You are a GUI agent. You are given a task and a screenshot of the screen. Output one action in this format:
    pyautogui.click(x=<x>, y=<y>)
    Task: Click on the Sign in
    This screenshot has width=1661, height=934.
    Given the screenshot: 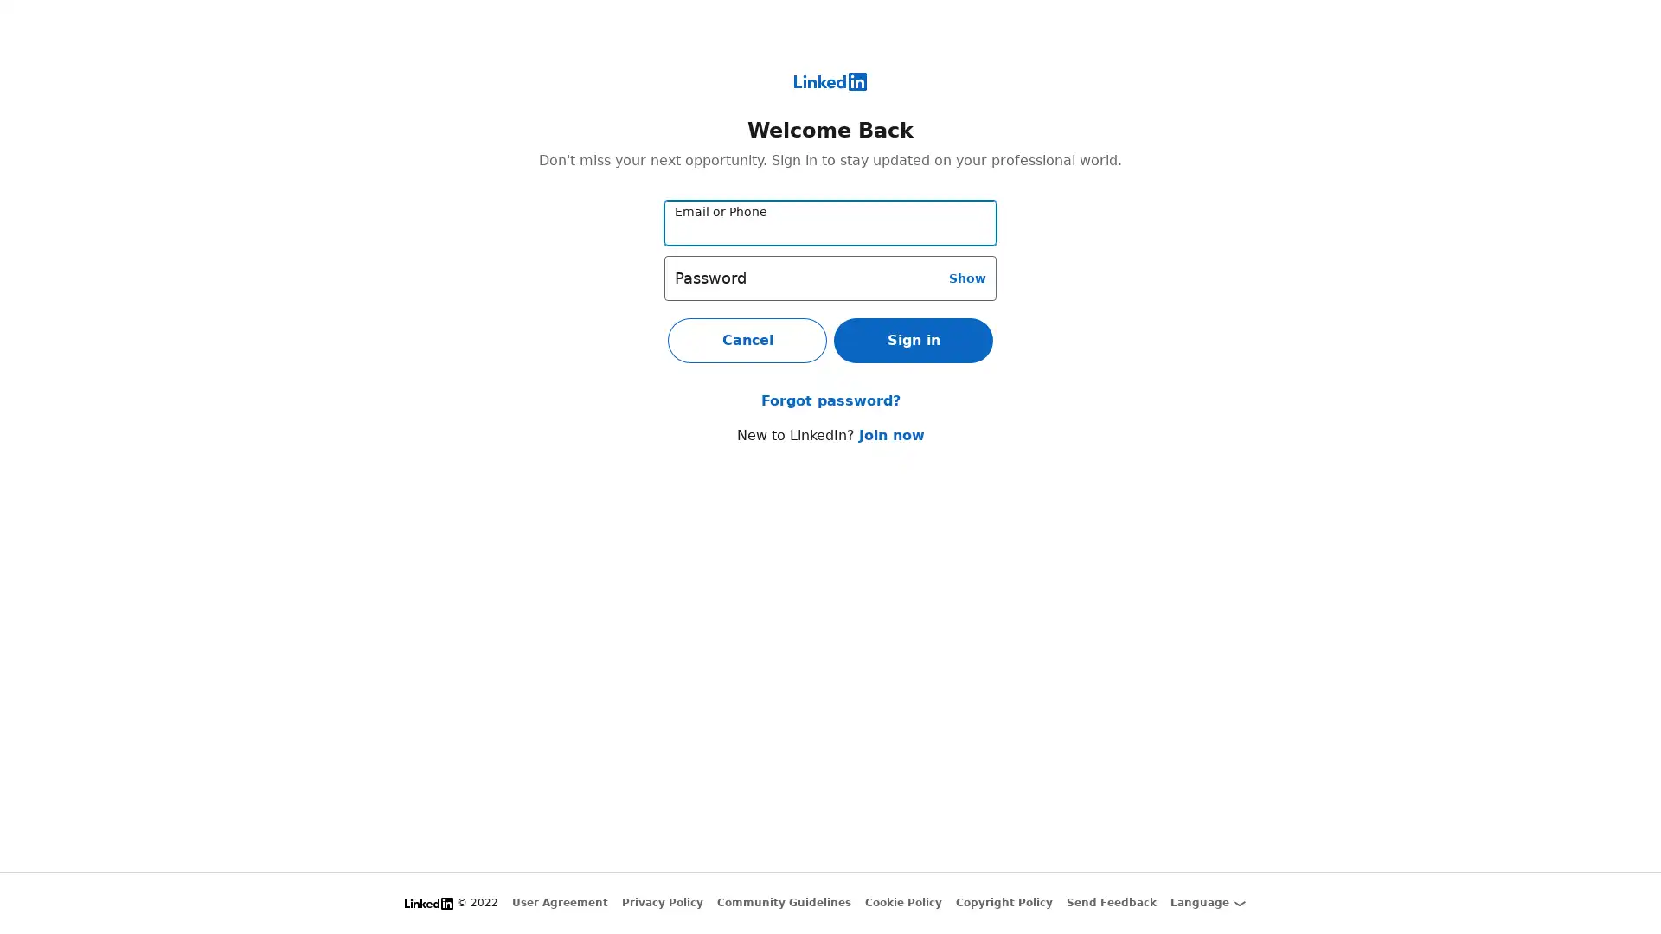 What is the action you would take?
    pyautogui.click(x=913, y=340)
    